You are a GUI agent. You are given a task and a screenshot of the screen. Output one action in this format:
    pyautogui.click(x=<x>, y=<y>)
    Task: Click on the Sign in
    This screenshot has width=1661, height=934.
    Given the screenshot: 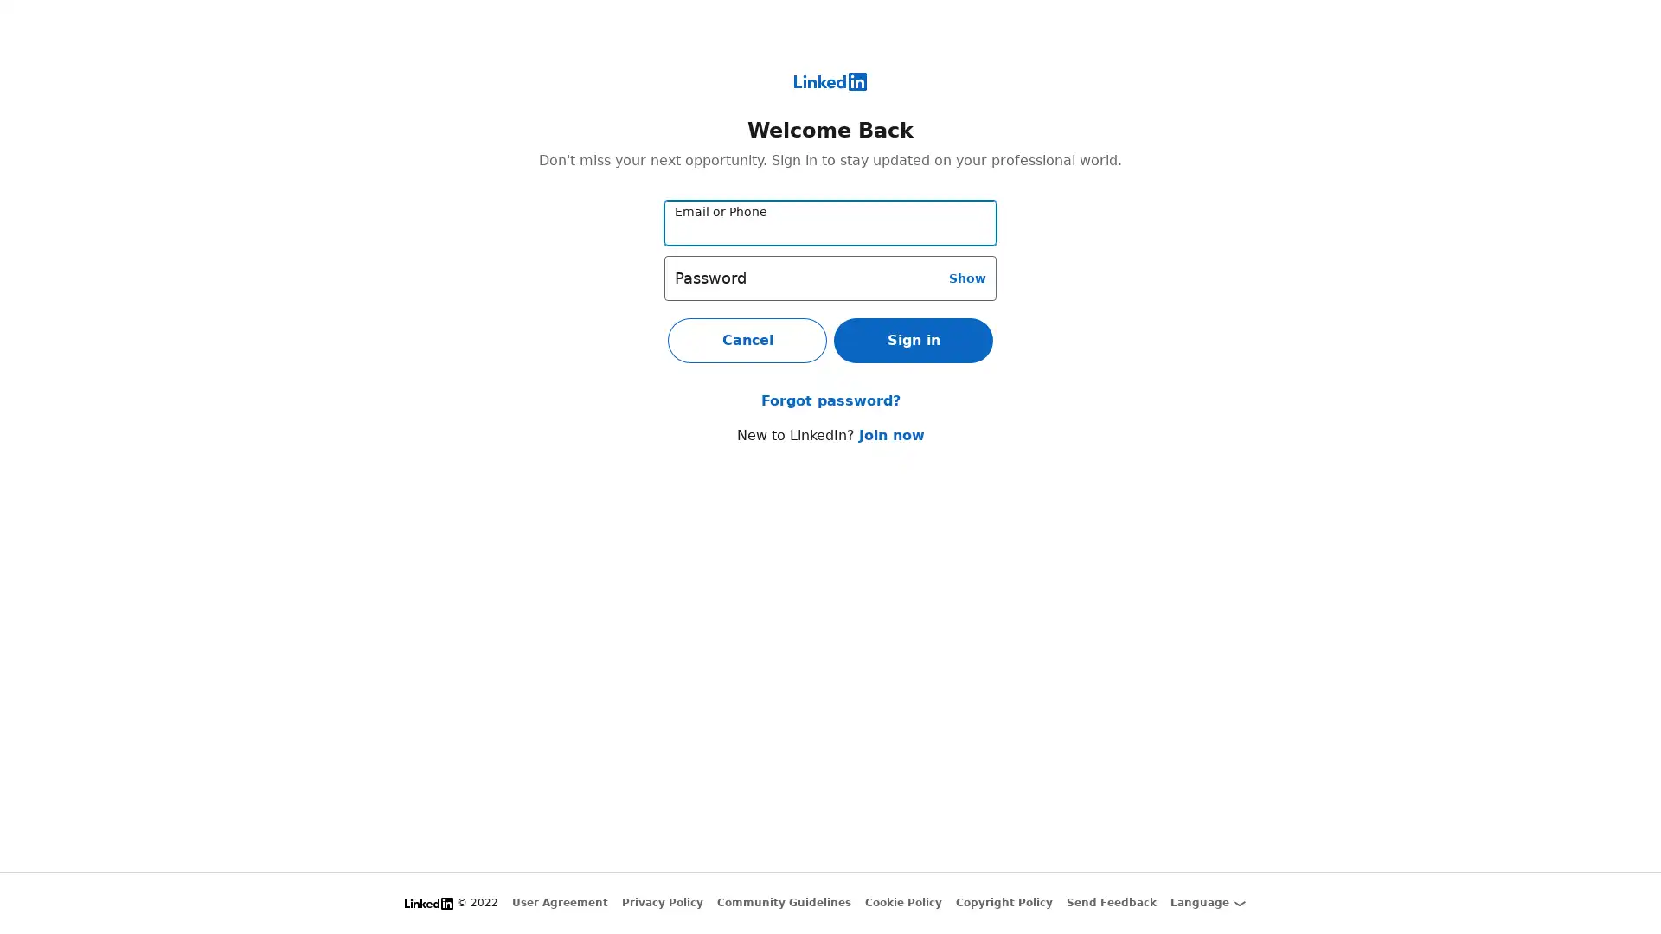 What is the action you would take?
    pyautogui.click(x=913, y=340)
    